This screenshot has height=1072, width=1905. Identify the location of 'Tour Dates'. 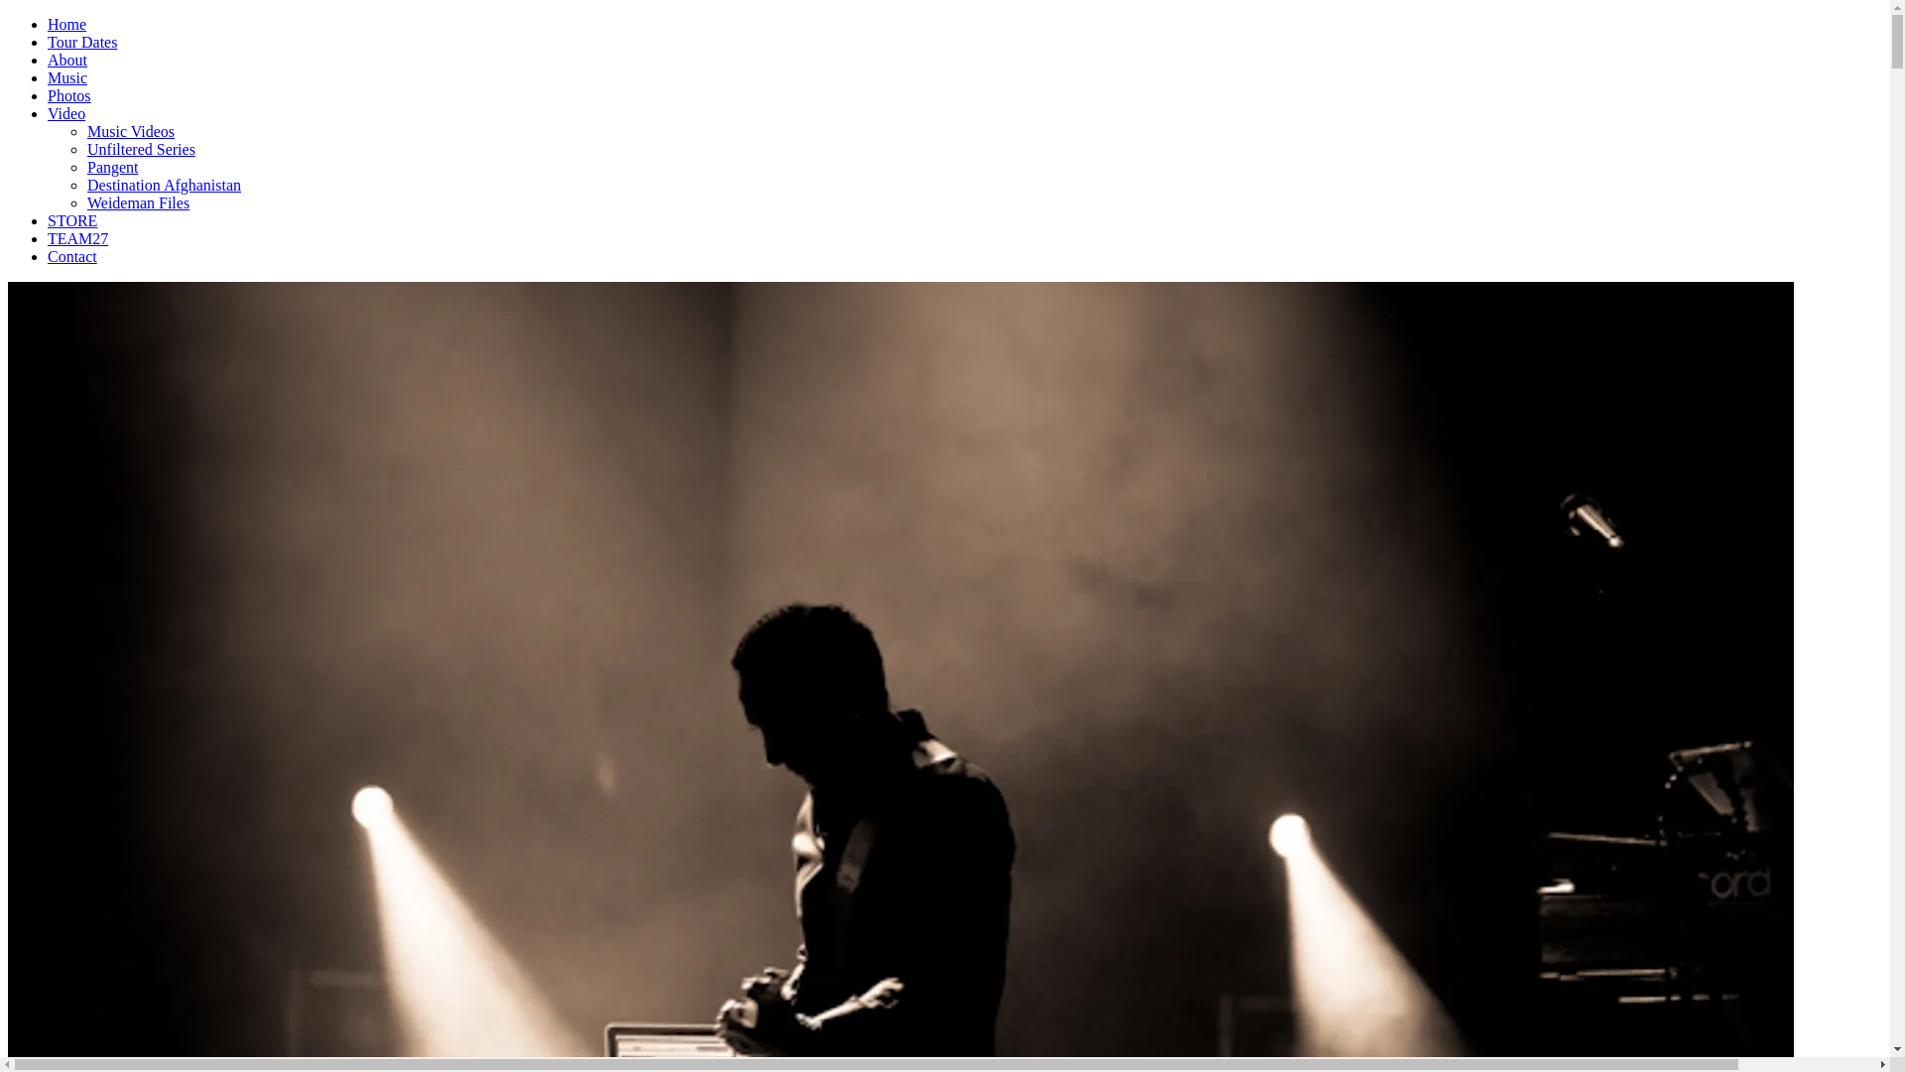
(48, 42).